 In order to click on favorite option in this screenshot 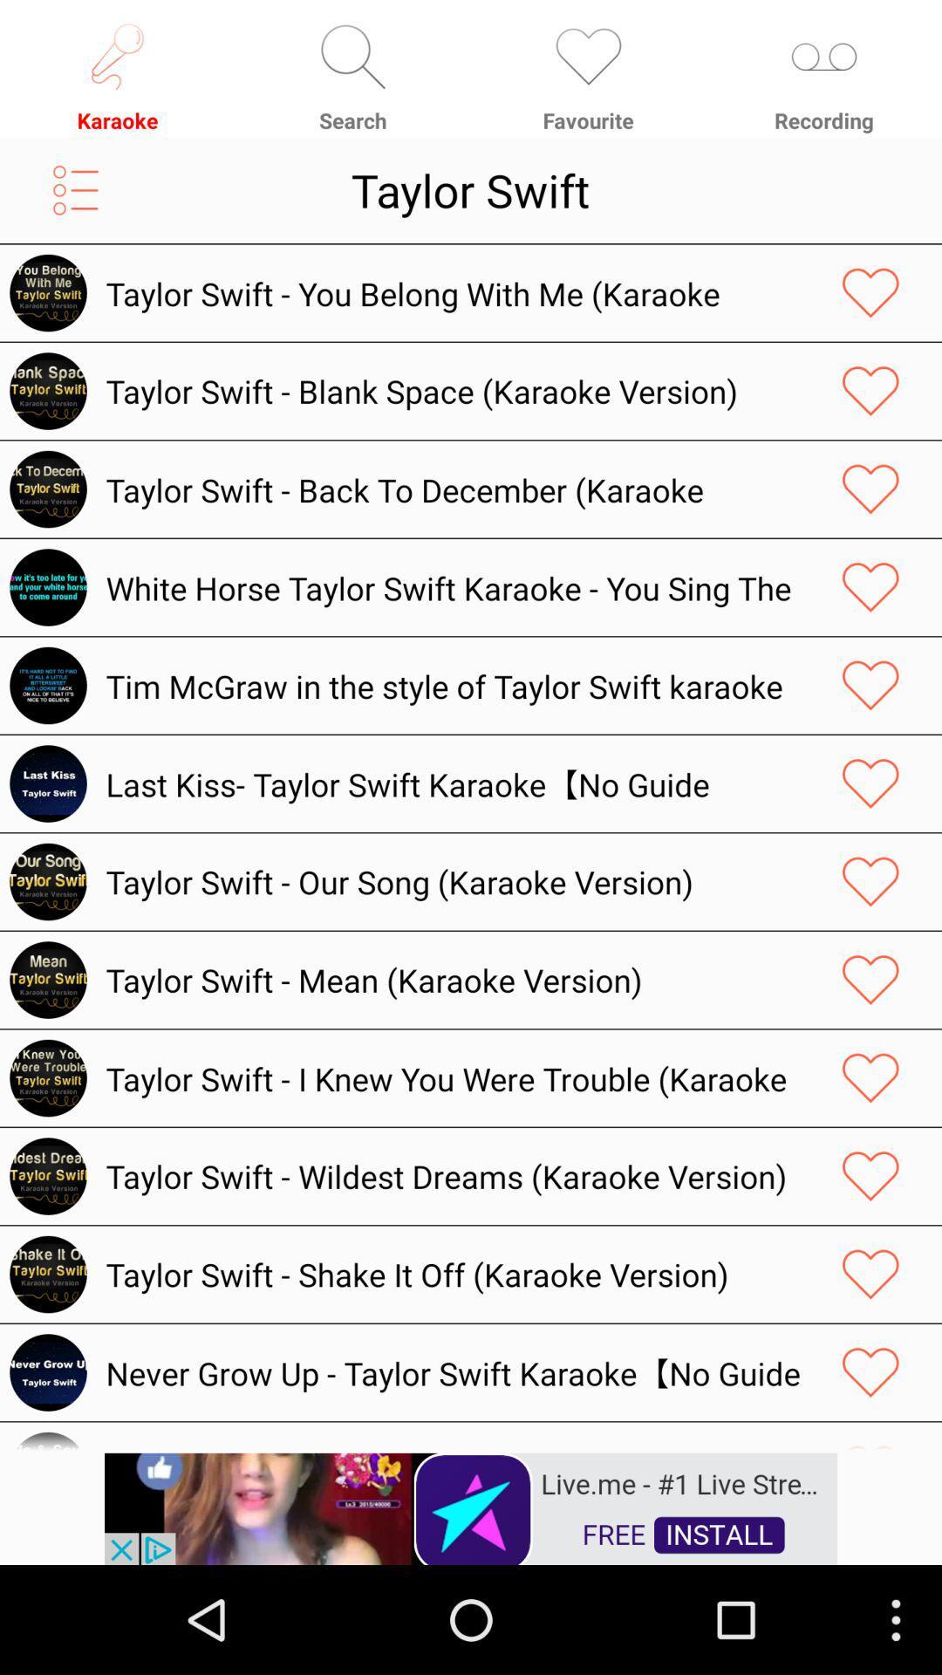, I will do `click(870, 783)`.